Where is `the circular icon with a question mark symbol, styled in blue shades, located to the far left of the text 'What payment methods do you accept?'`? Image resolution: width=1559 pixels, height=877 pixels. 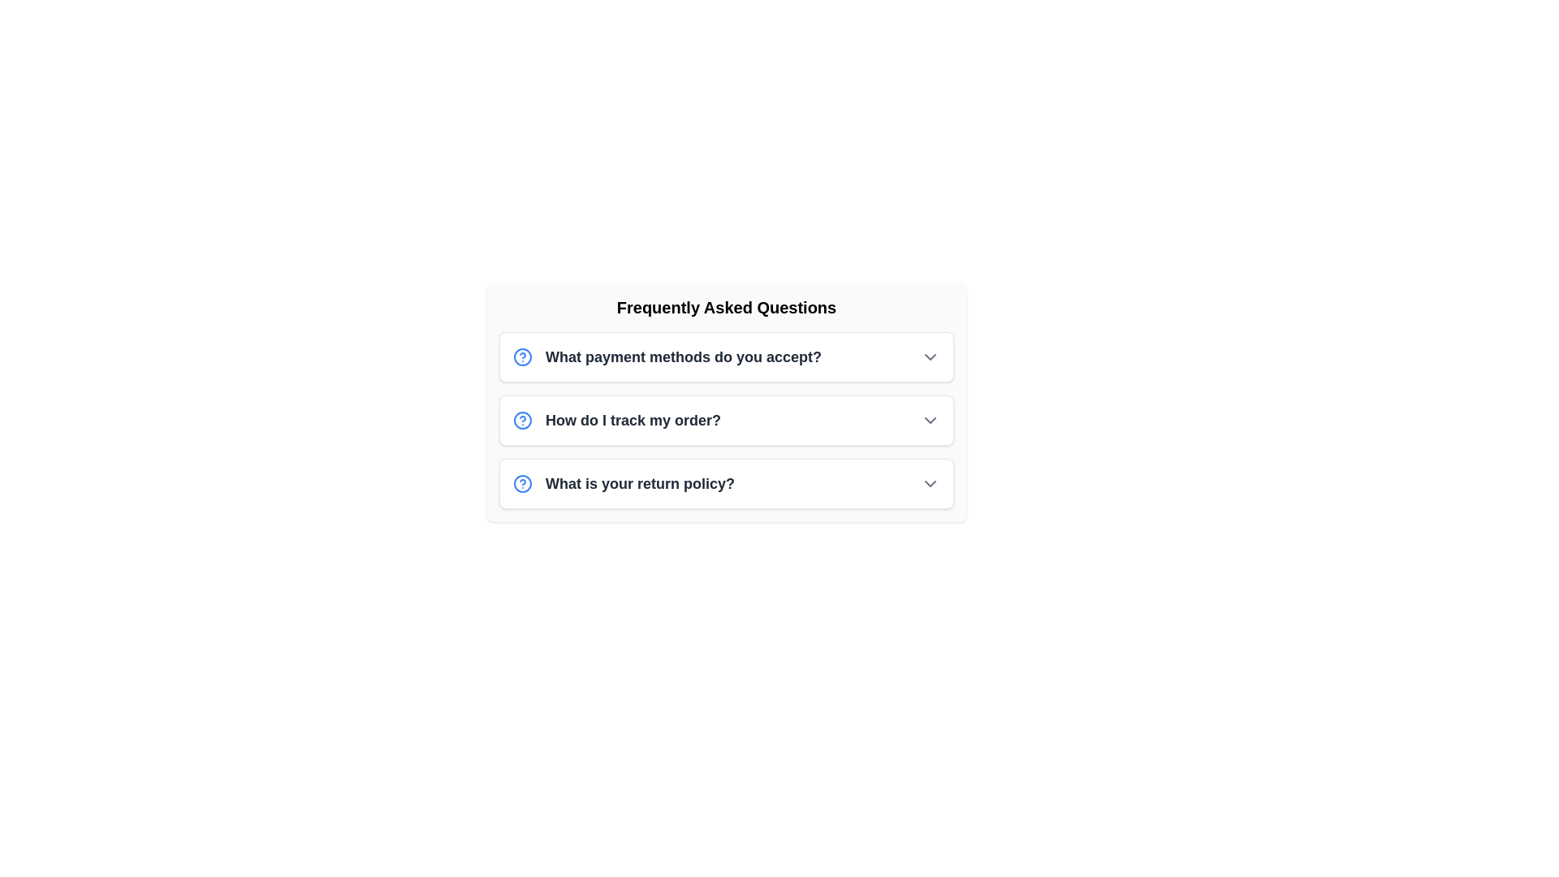
the circular icon with a question mark symbol, styled in blue shades, located to the far left of the text 'What payment methods do you accept?' is located at coordinates (522, 356).